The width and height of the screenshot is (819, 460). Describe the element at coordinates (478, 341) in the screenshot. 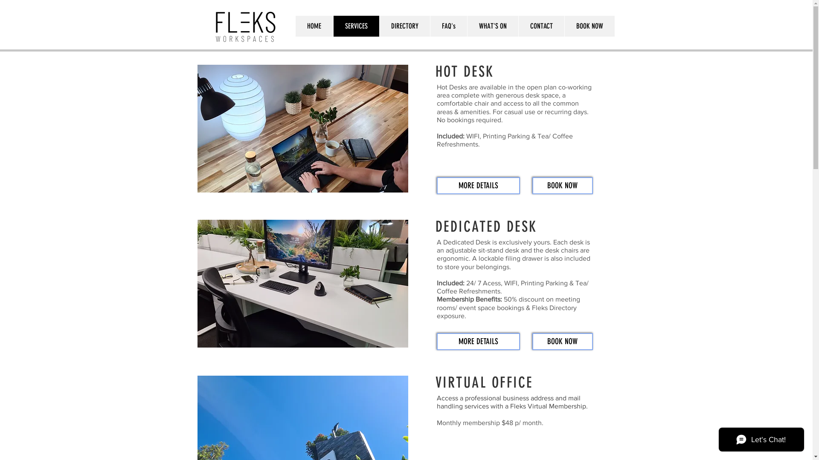

I see `'MORE DETAILS'` at that location.